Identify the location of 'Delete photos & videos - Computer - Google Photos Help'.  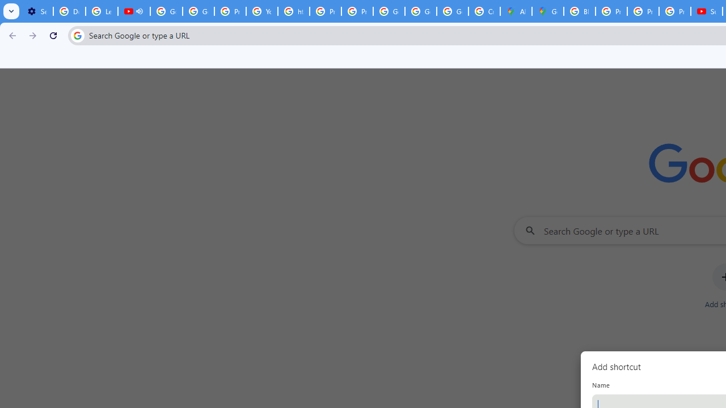
(69, 11).